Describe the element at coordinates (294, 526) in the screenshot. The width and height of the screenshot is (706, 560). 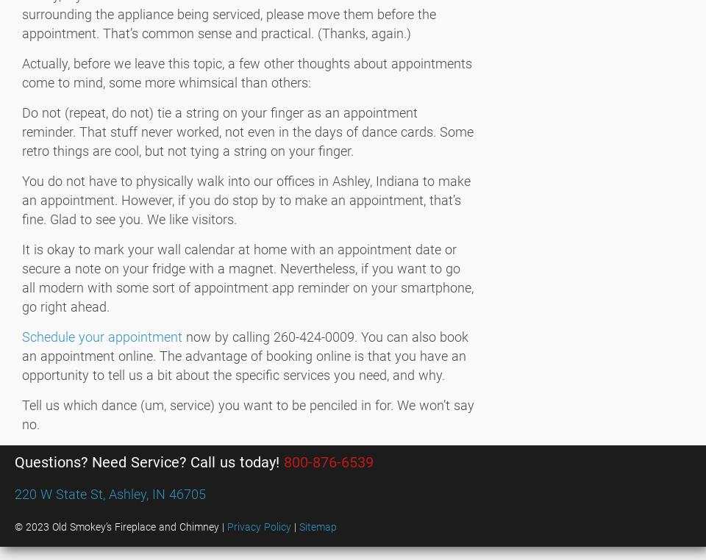
I see `'|'` at that location.